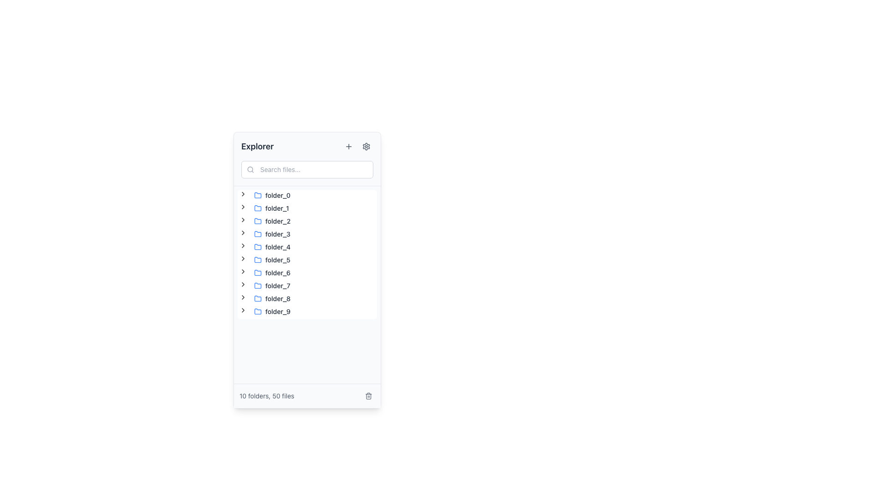  What do you see at coordinates (243, 285) in the screenshot?
I see `the right-facing chevron icon` at bounding box center [243, 285].